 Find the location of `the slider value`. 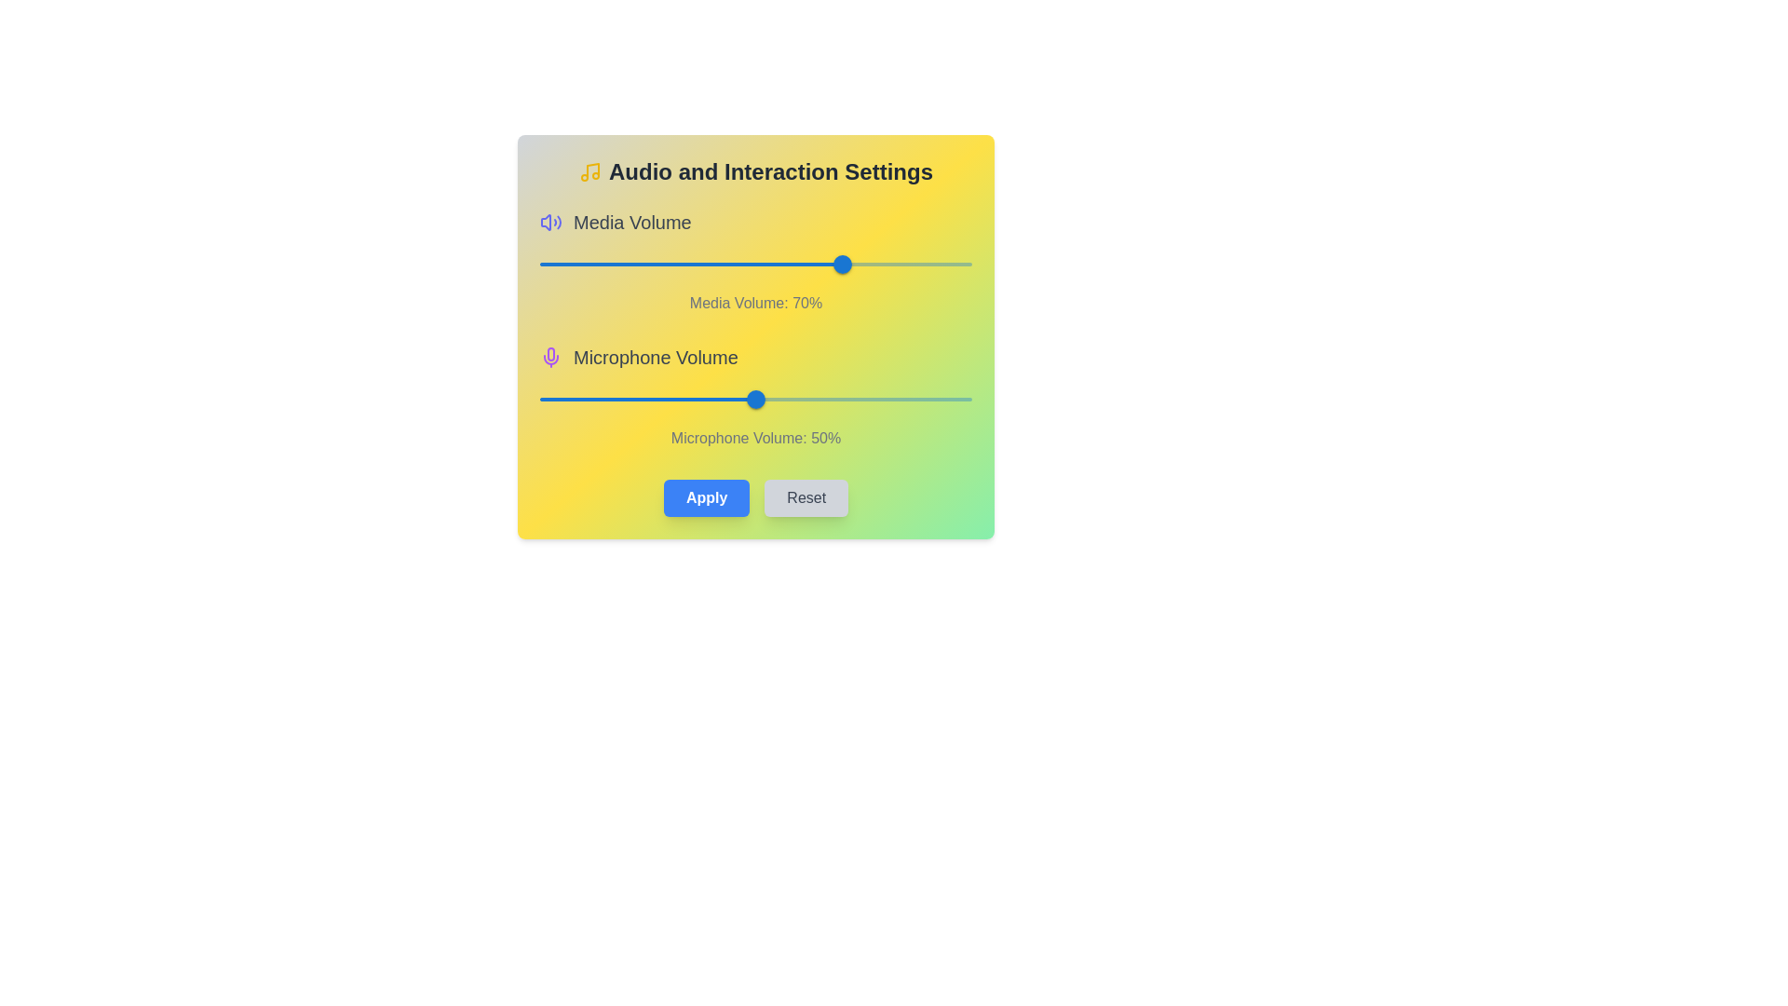

the slider value is located at coordinates (828, 265).